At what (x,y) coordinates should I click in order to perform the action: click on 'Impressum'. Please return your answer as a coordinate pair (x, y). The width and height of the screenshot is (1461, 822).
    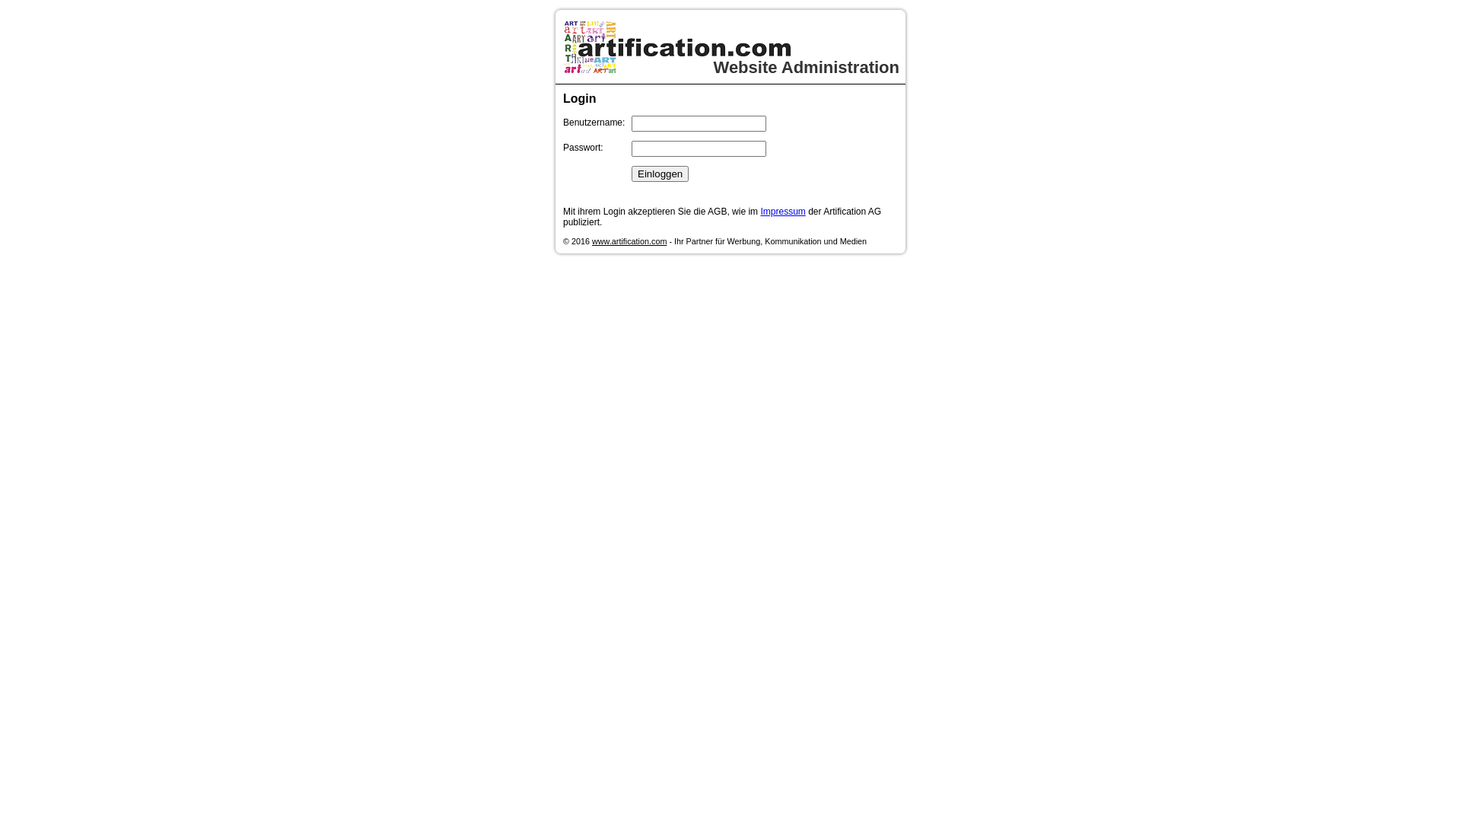
    Looking at the image, I should click on (782, 211).